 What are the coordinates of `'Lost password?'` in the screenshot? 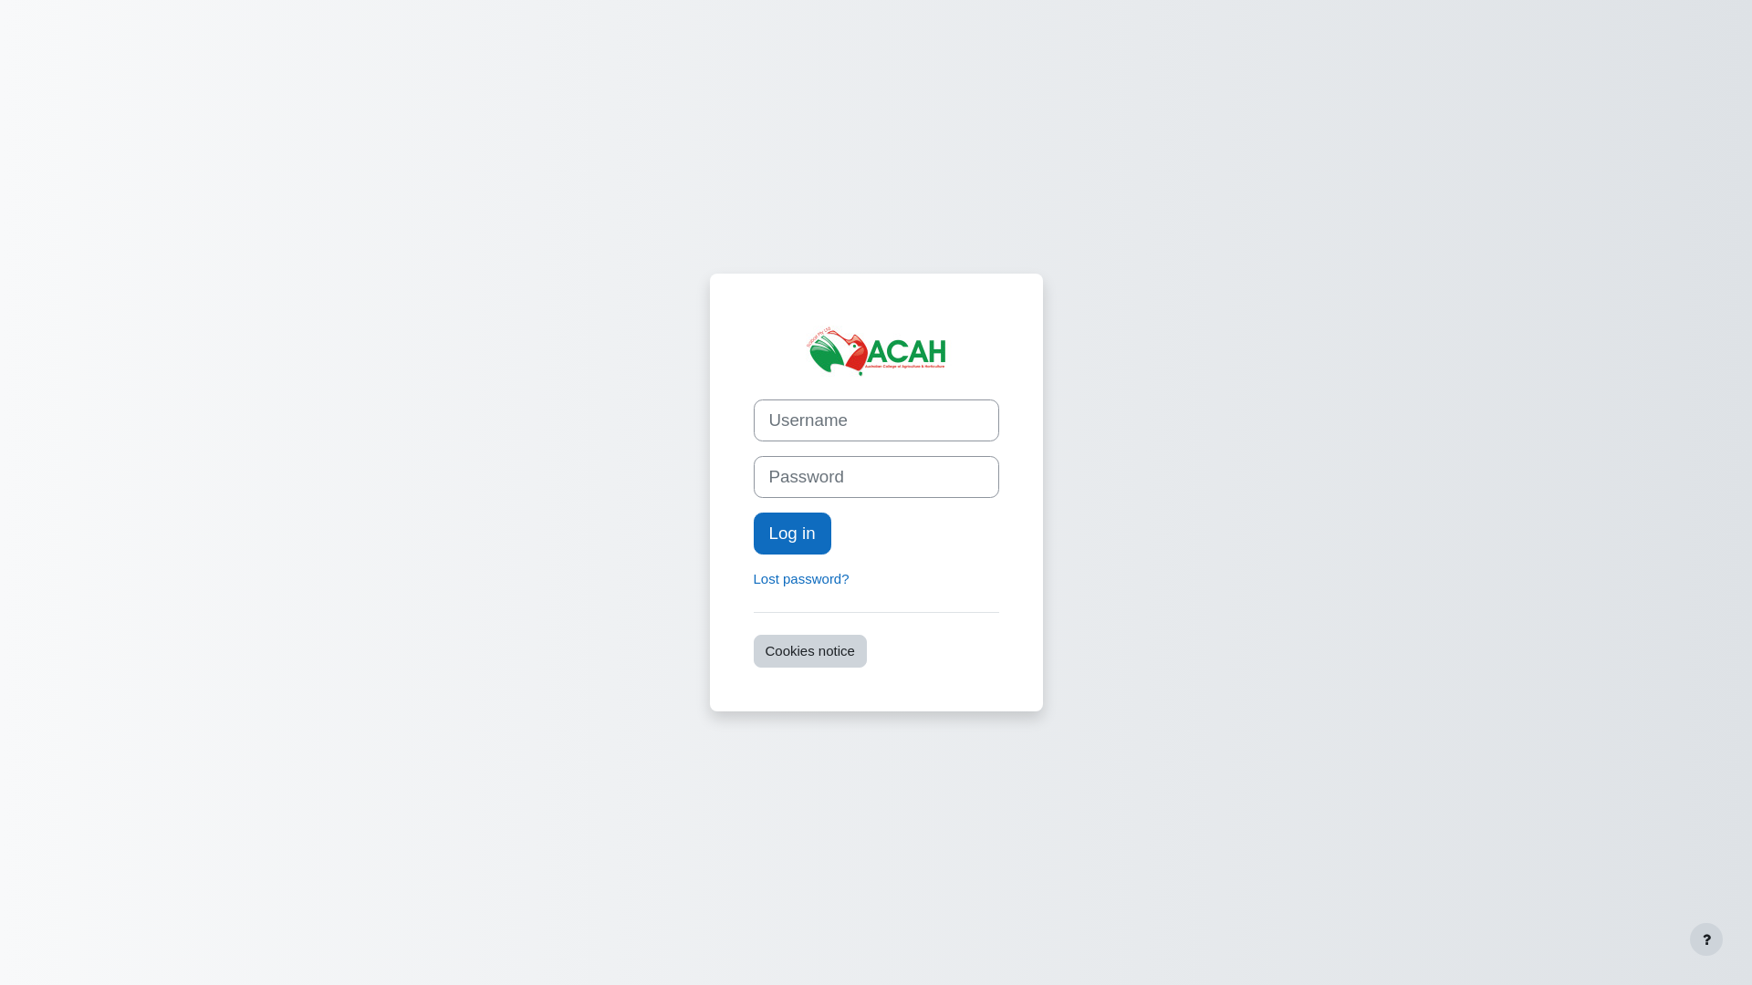 It's located at (801, 578).